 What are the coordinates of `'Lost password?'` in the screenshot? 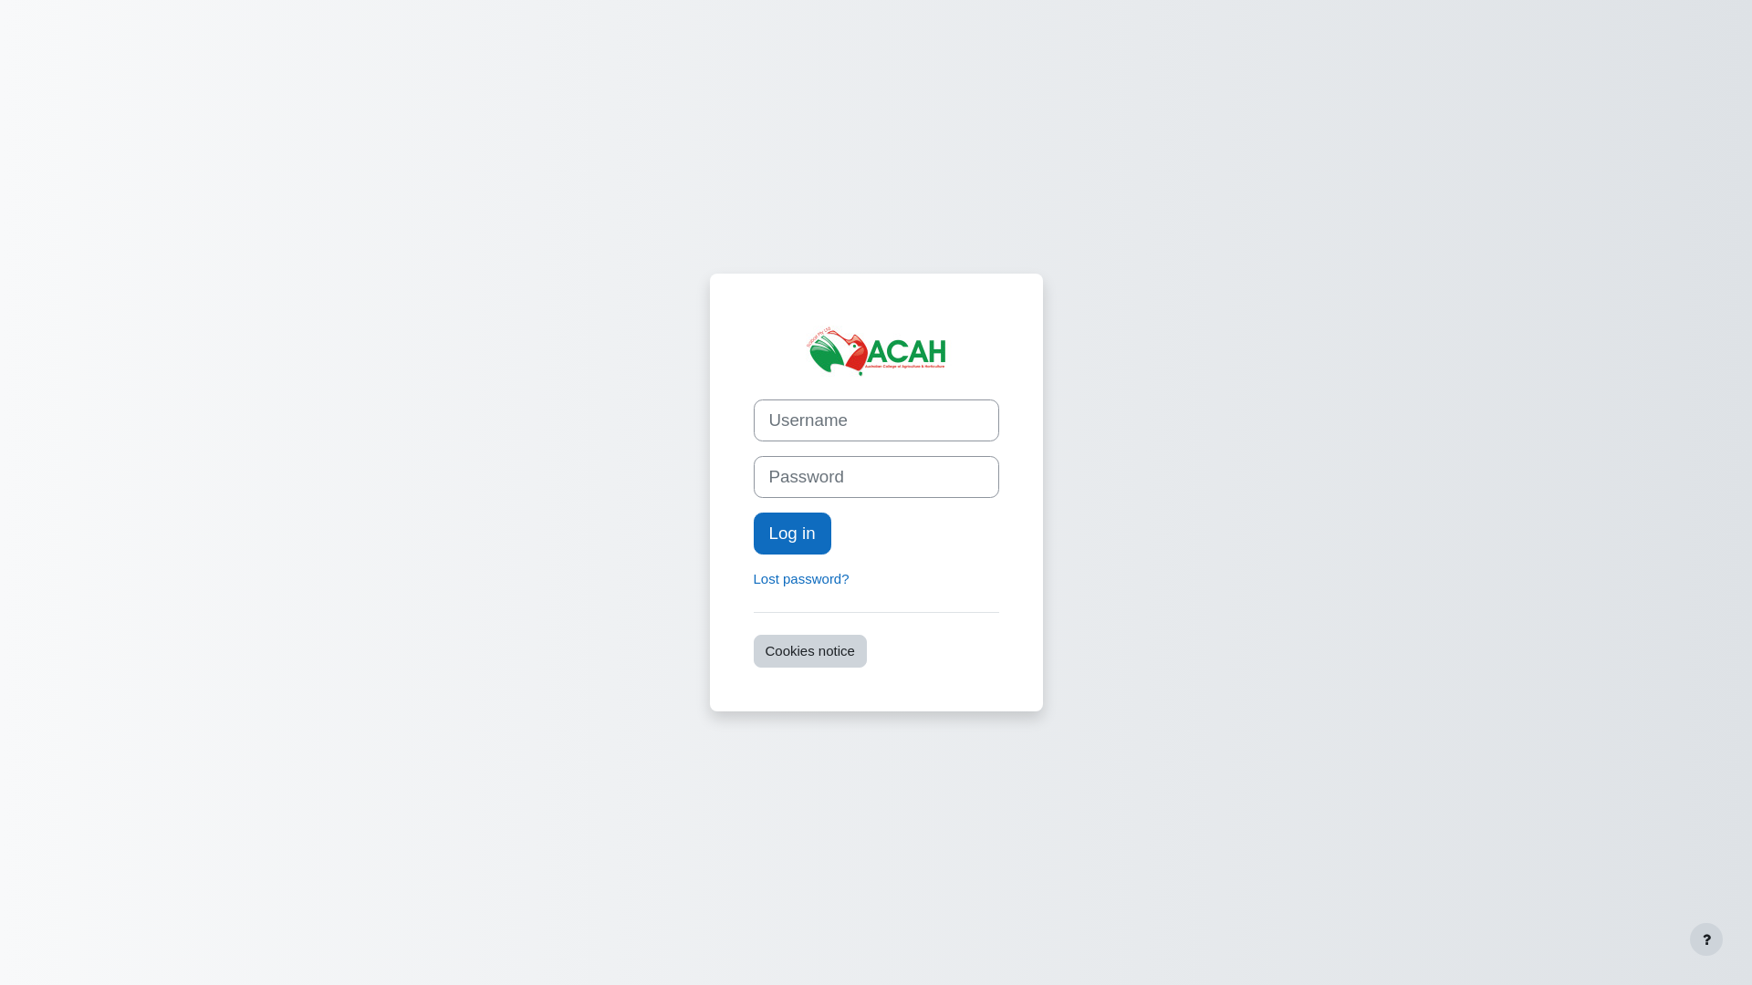 It's located at (801, 578).